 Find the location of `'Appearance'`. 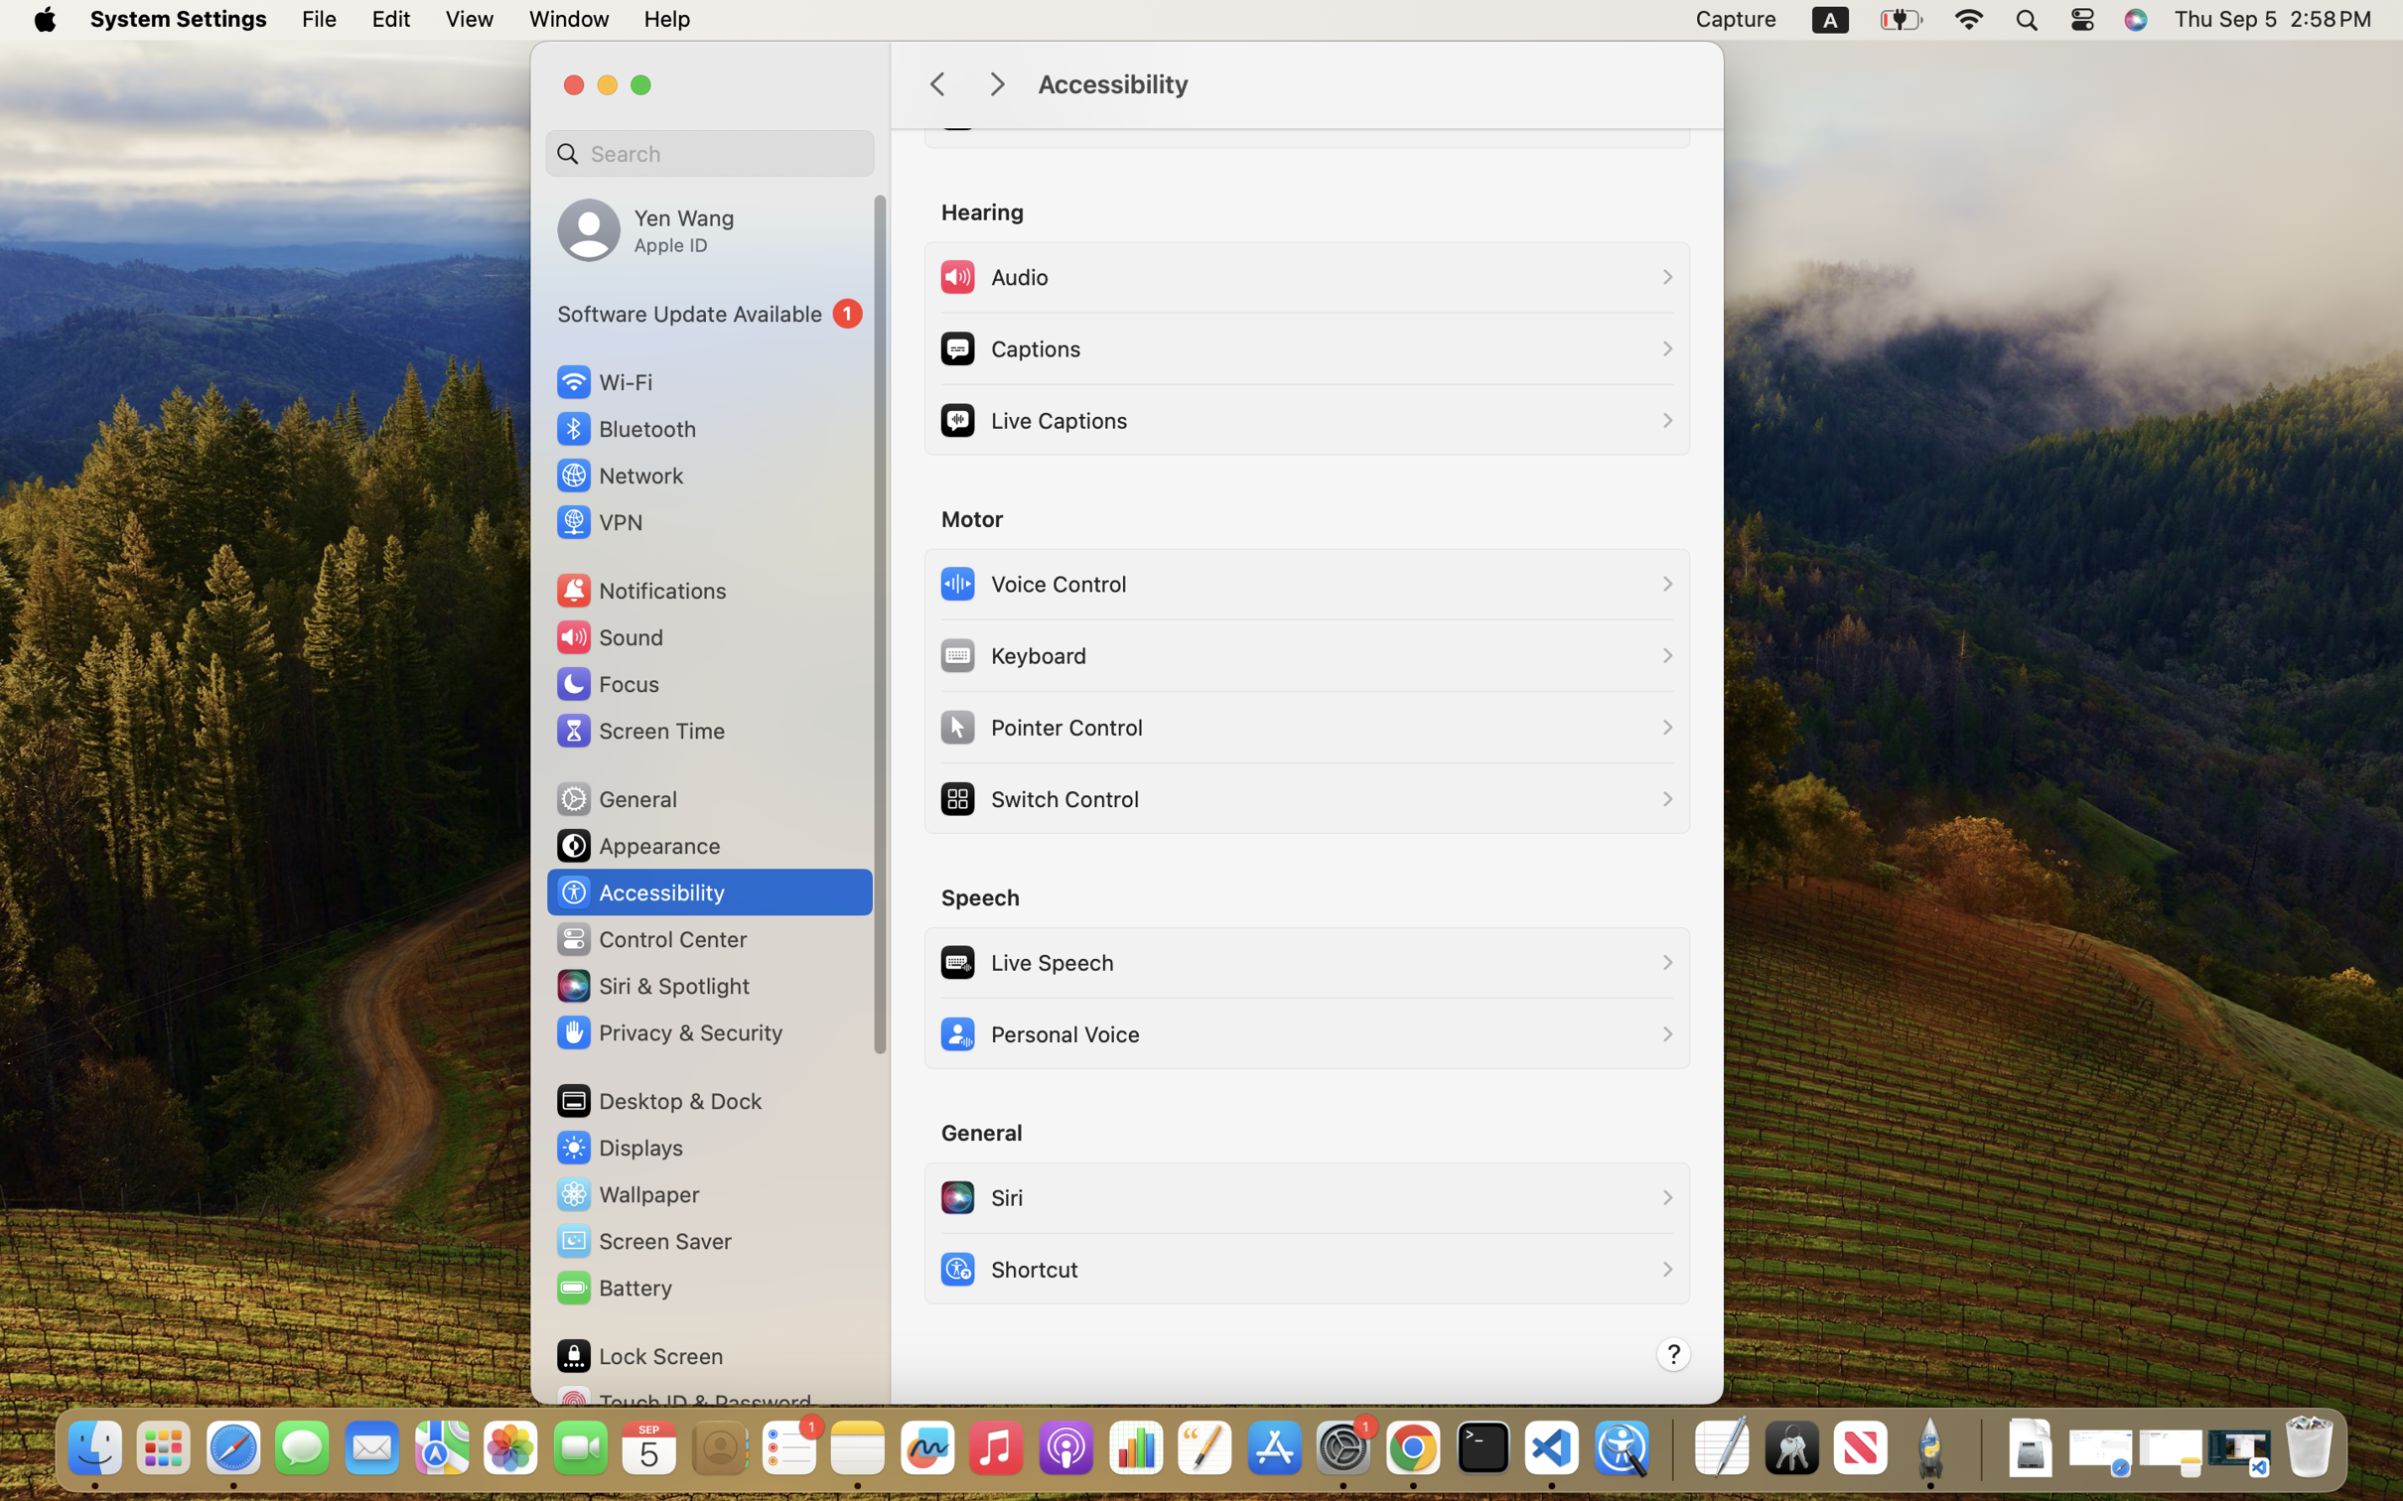

'Appearance' is located at coordinates (636, 845).